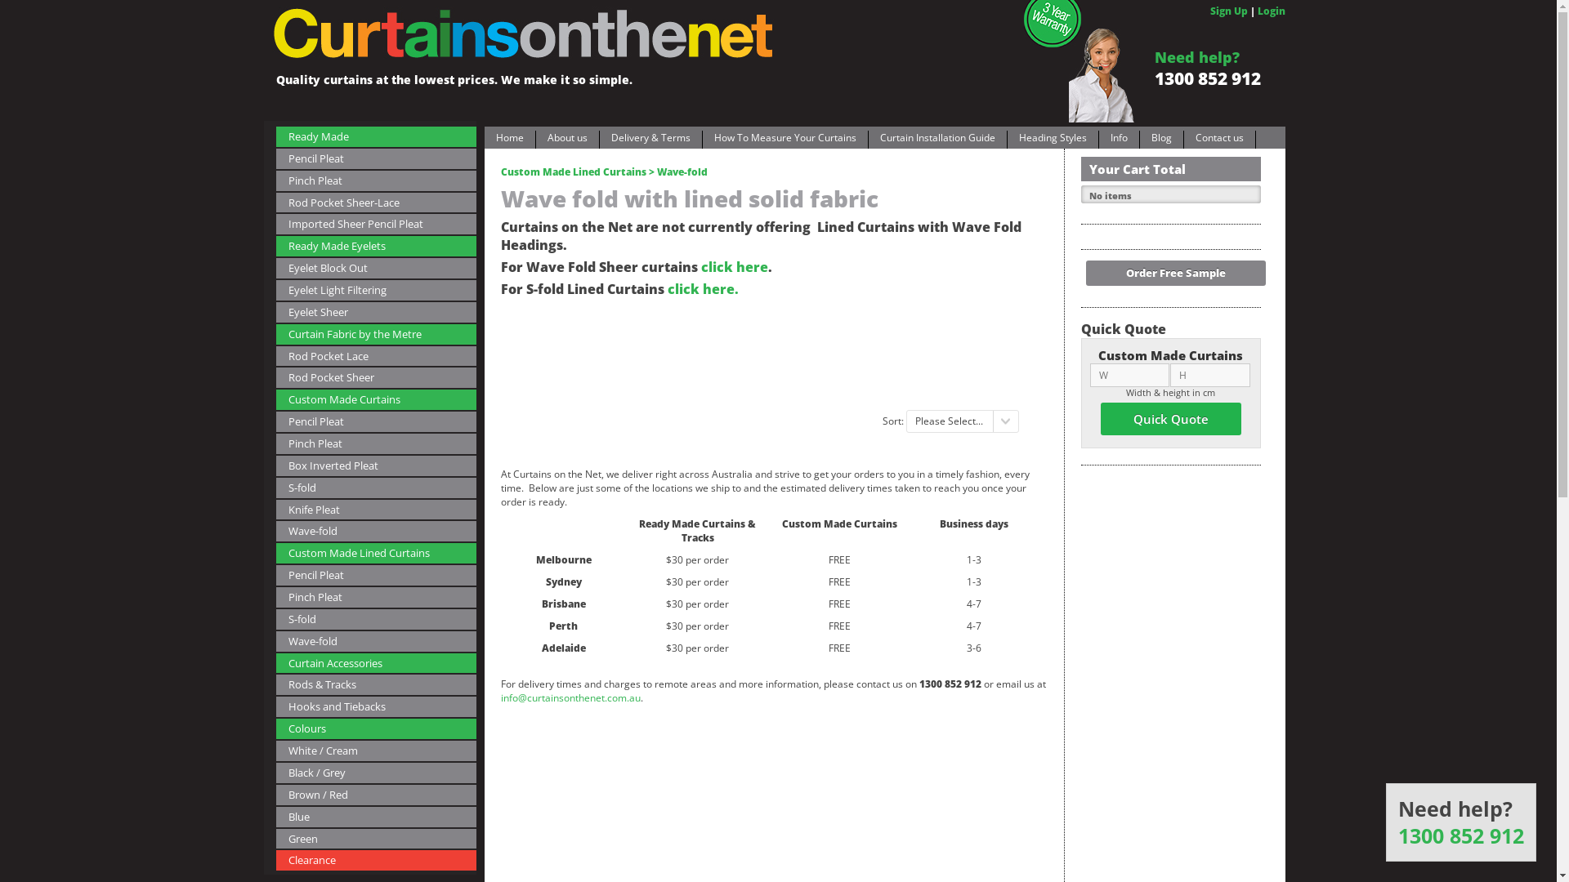 This screenshot has width=1569, height=882. I want to click on 'Curtain Fabric by the Metre', so click(275, 333).